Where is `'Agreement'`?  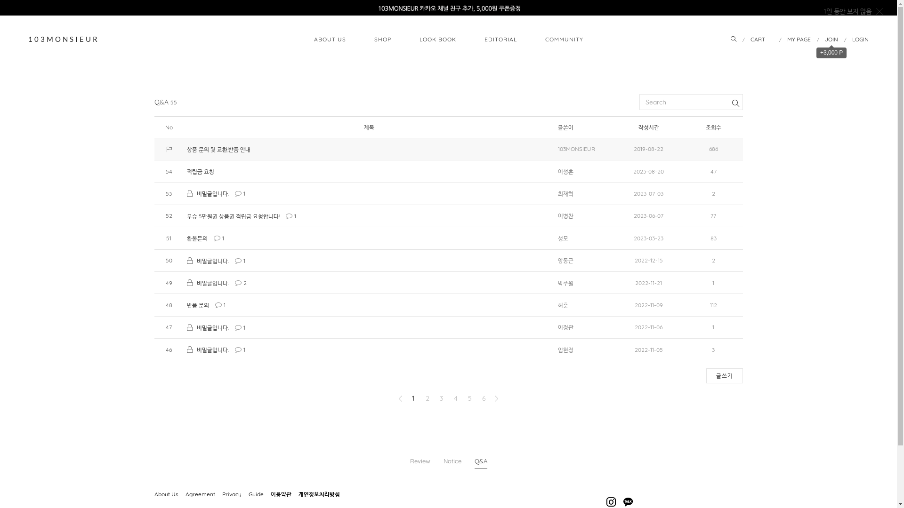 'Agreement' is located at coordinates (185, 493).